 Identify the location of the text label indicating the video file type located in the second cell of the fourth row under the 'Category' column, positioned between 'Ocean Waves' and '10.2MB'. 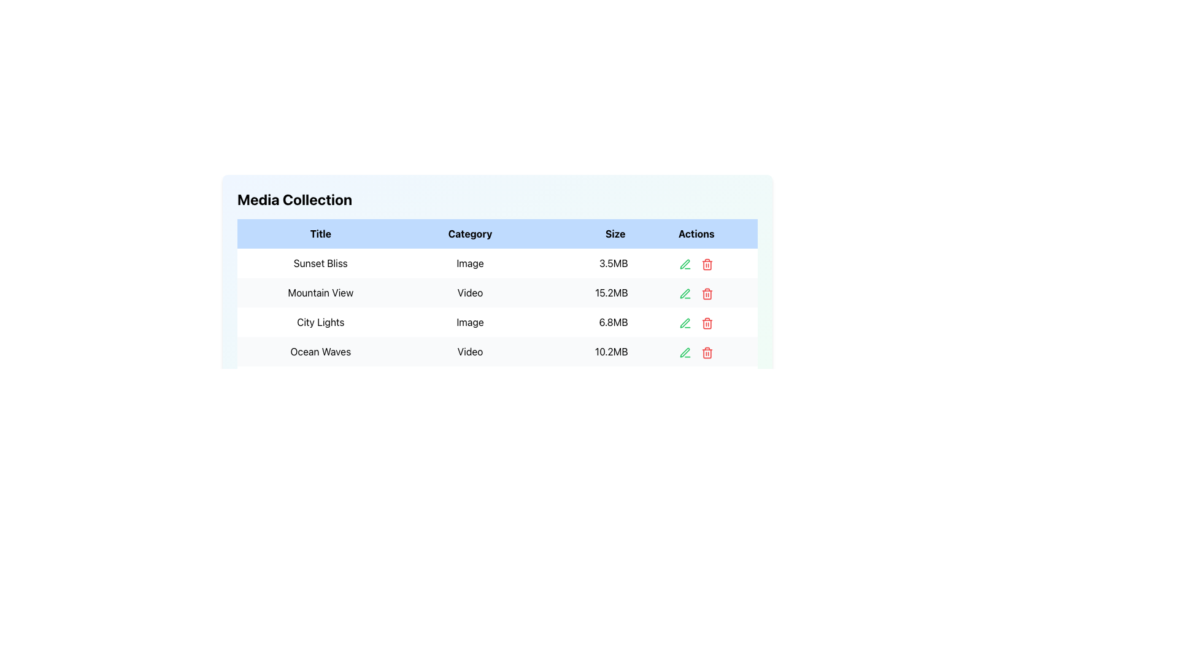
(469, 352).